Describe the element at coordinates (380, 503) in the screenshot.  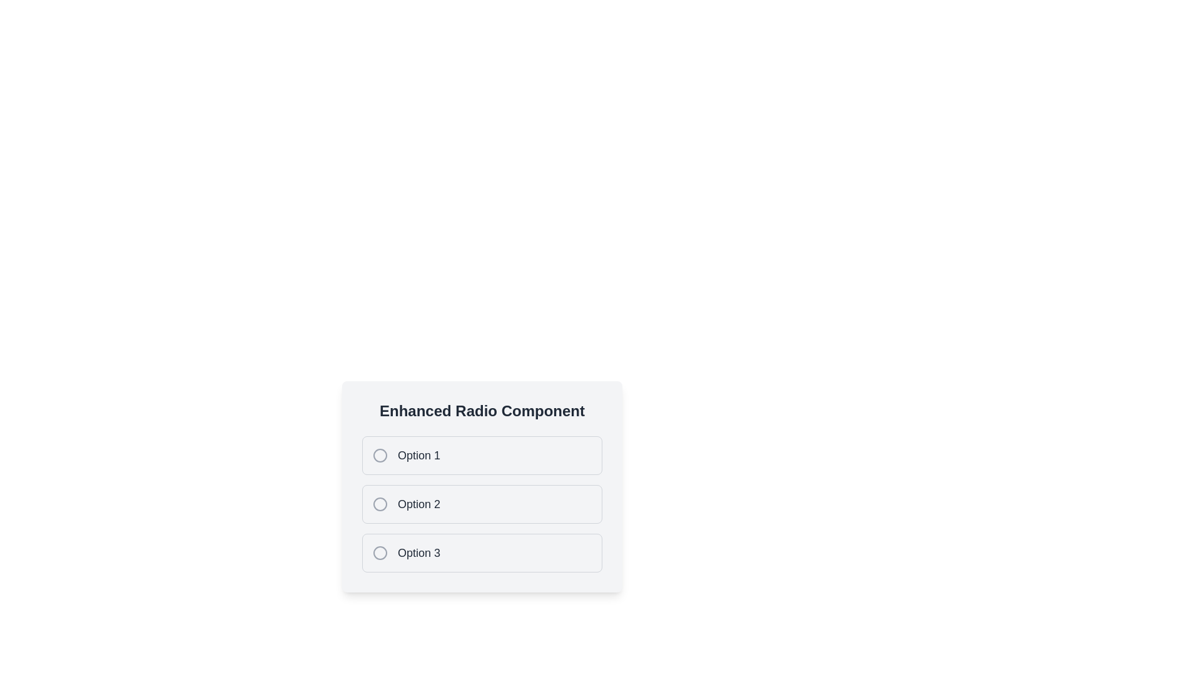
I see `the radio button indicator for 'Option 2', which is a circular icon with a hollow center styled in gray, located on the left side of the row adjacent to the text 'Option 2'` at that location.